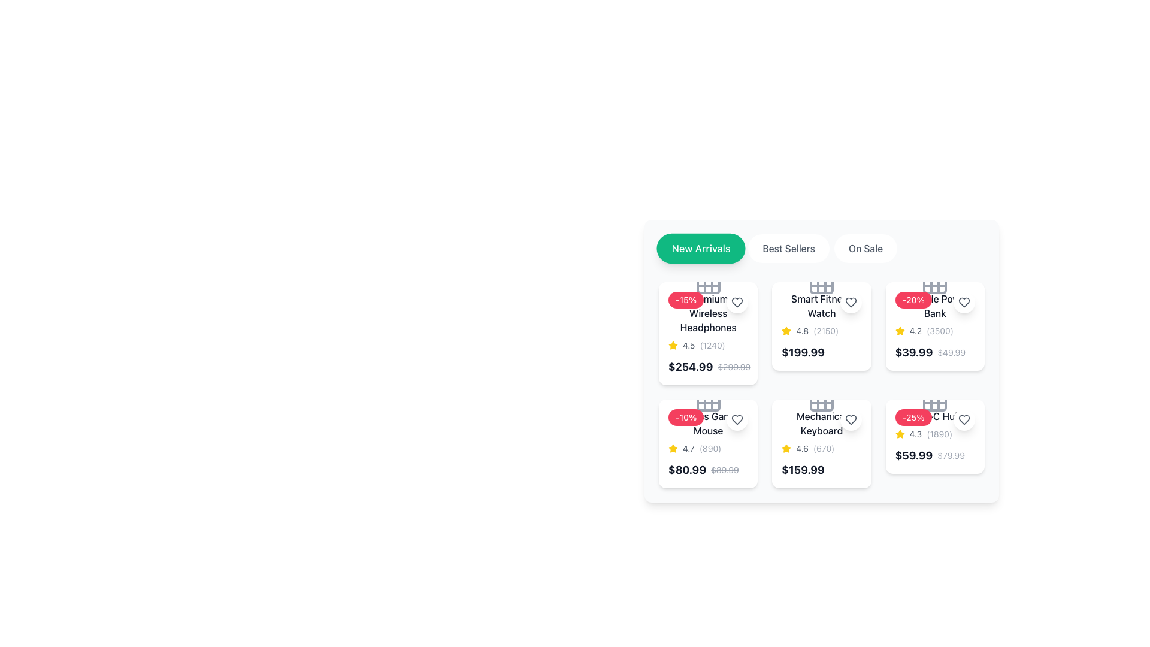  I want to click on the heart icon in the top-right corner of the product card for 'Premium Wireless Headphones' to mark it as a favorite, so click(737, 302).